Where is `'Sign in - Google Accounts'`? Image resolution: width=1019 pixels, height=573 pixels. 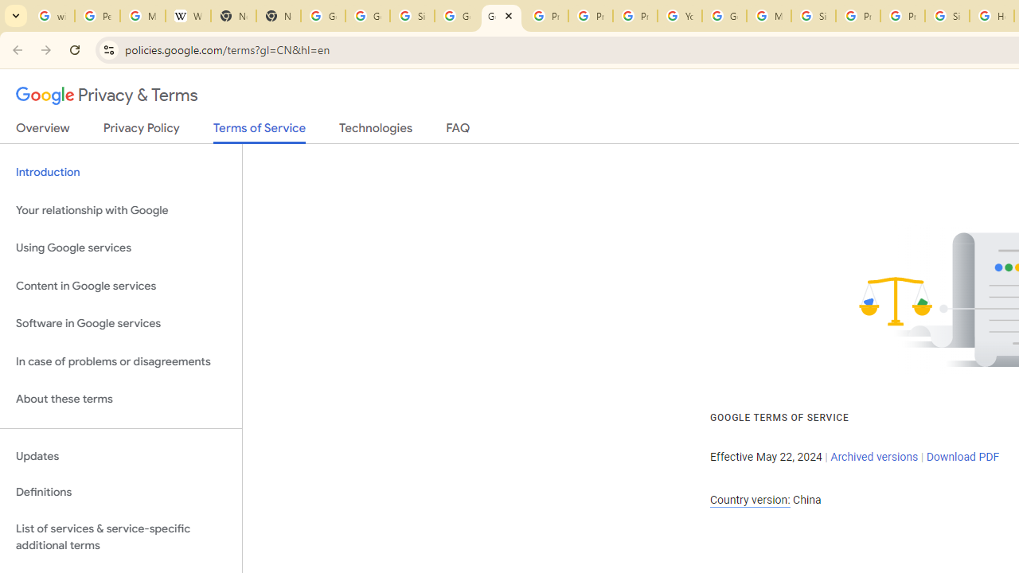
'Sign in - Google Accounts' is located at coordinates (814, 16).